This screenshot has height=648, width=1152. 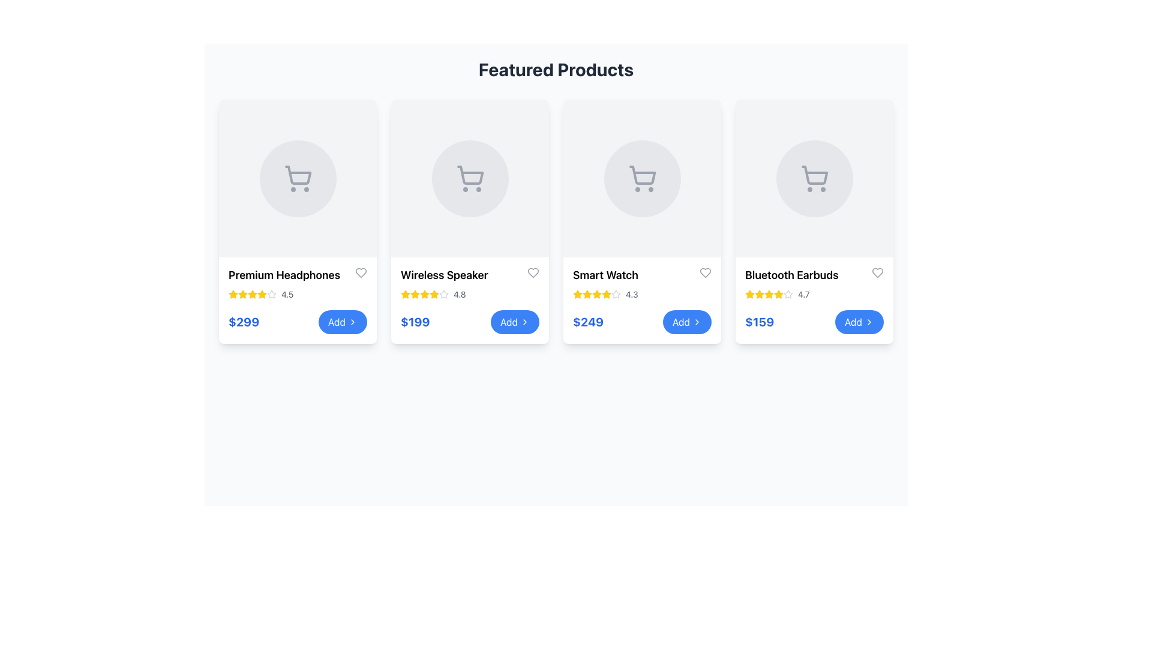 What do you see at coordinates (406, 294) in the screenshot?
I see `the second yellow star icon in the rating system for the 'Wireless Speaker' product card` at bounding box center [406, 294].